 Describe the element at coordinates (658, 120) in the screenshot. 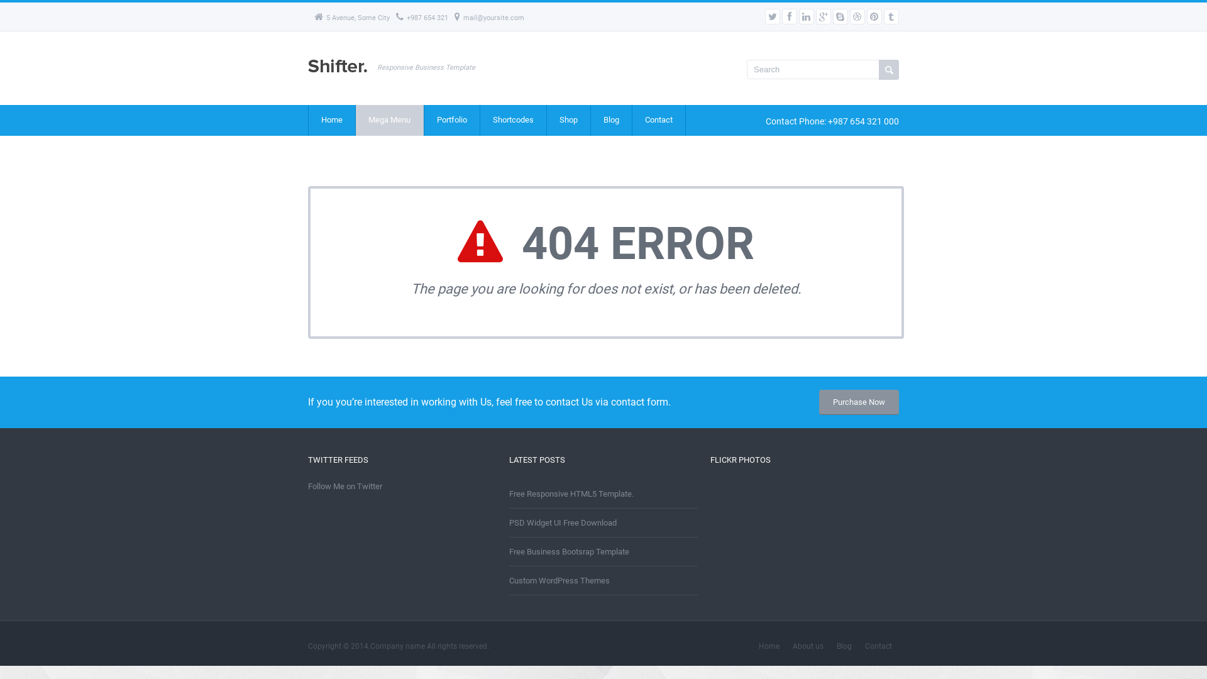

I see `'Contact'` at that location.